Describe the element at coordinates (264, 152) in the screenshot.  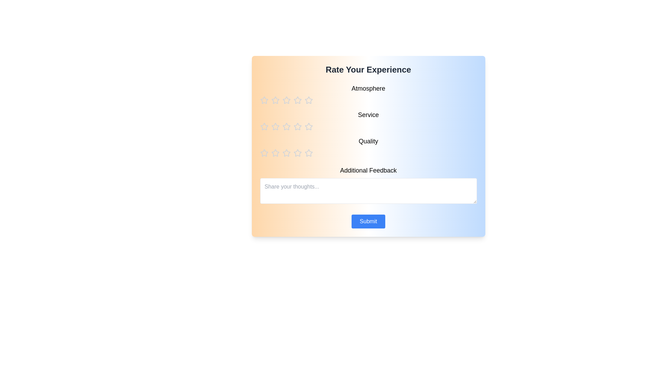
I see `the star corresponding to the rating 1 for the category quality` at that location.